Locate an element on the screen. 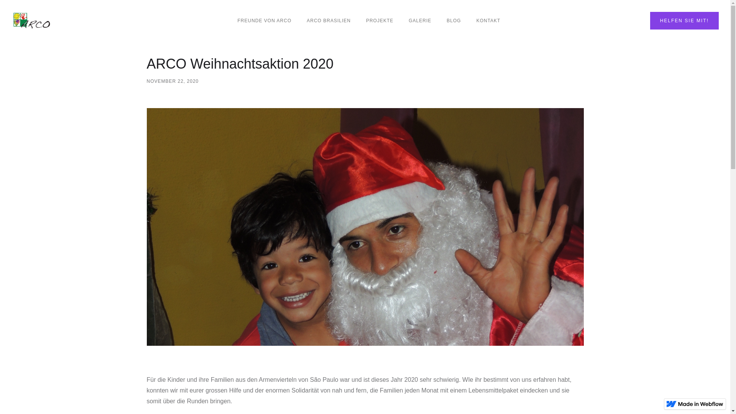 This screenshot has width=736, height=414. 'ARCO BRASILIEN' is located at coordinates (298, 20).